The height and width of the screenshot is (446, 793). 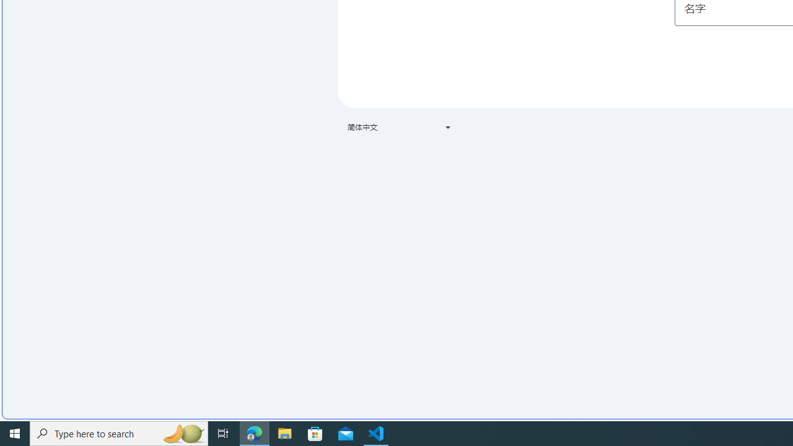 I want to click on 'Class: VfPpkd-t08AT-Bz112c-Bd00G', so click(x=447, y=127).